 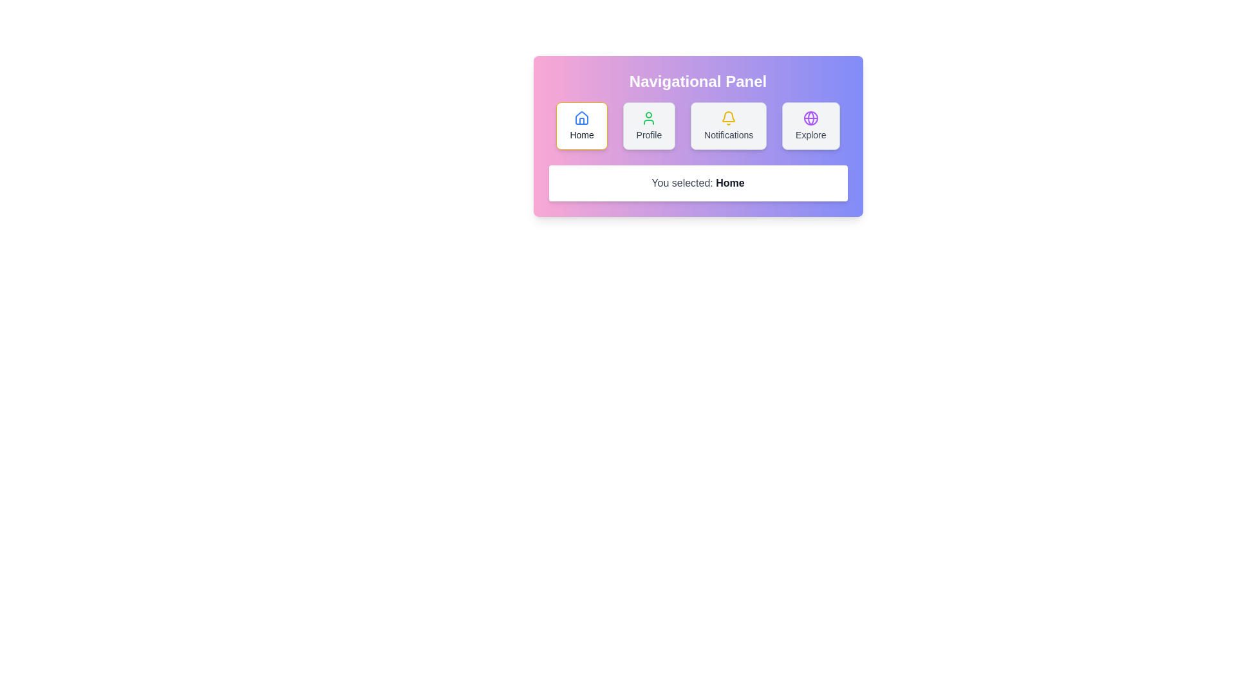 I want to click on the compact rectangular 'Home' button with a white background and gray border, so click(x=581, y=126).